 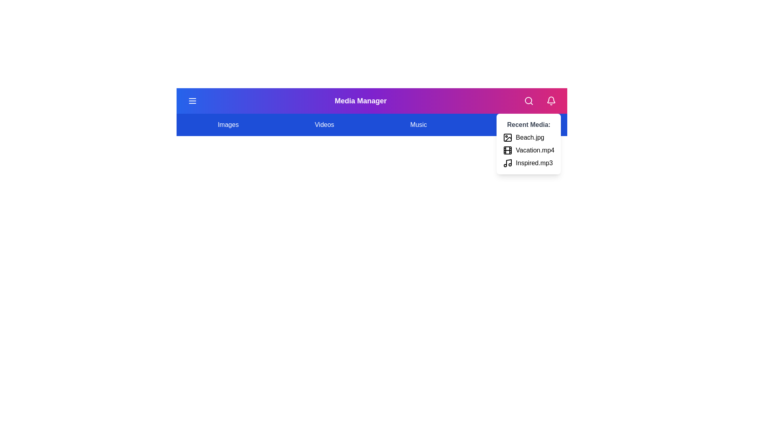 What do you see at coordinates (507, 137) in the screenshot?
I see `the media item Beach.jpg from the recent media list` at bounding box center [507, 137].